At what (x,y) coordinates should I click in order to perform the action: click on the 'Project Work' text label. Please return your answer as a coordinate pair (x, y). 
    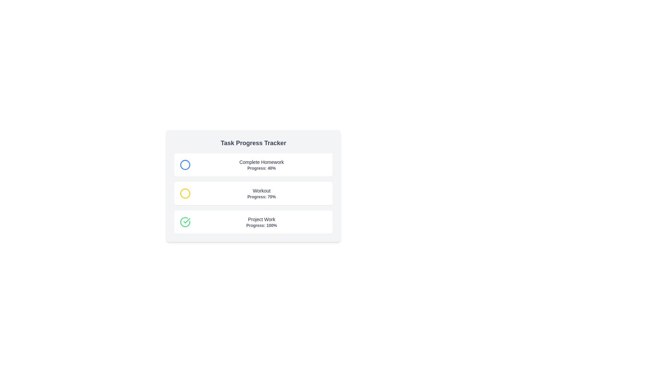
    Looking at the image, I should click on (261, 219).